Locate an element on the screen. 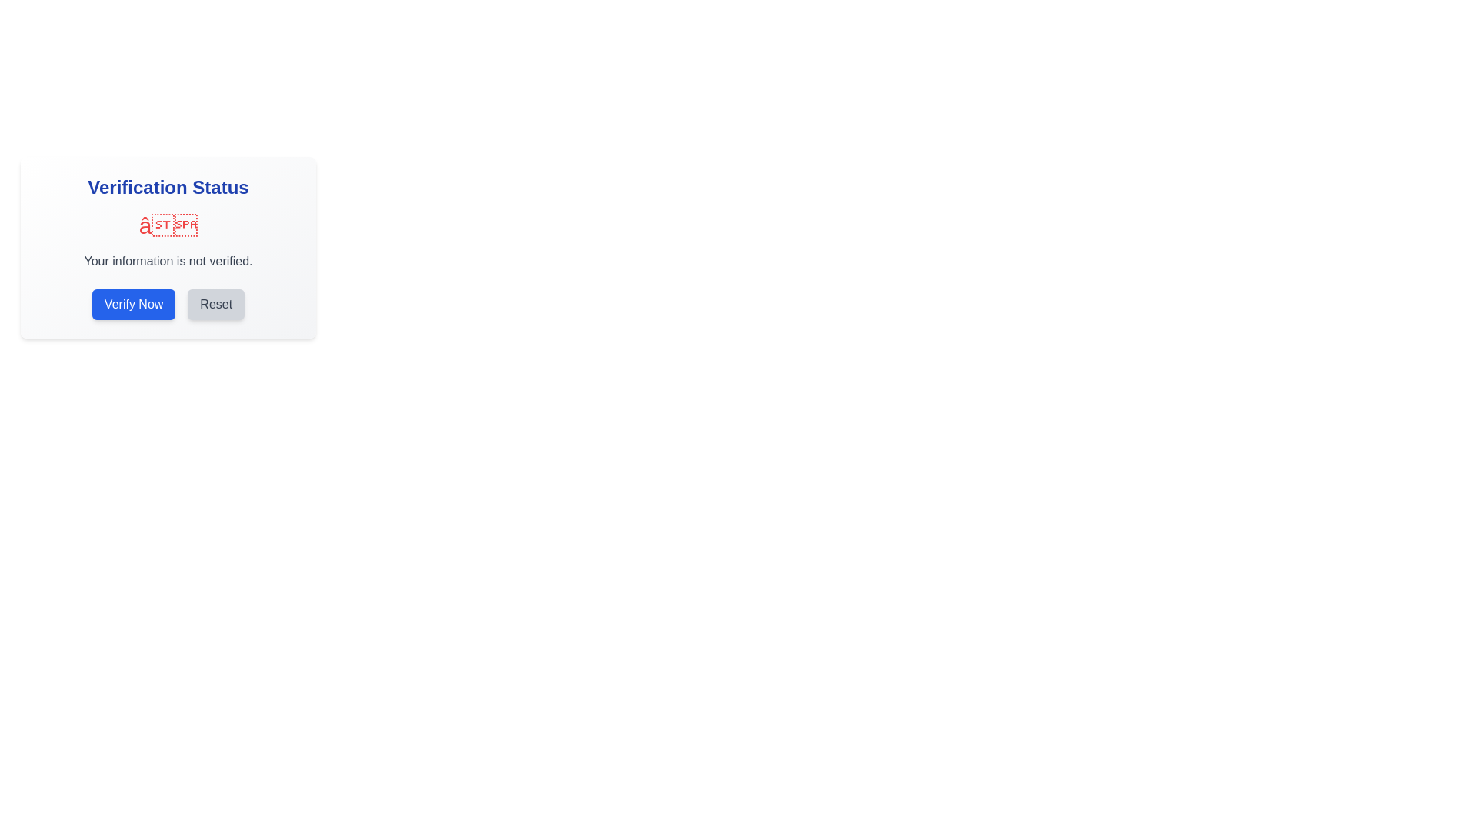 This screenshot has width=1477, height=831. the notification message box indicating that the information verification process has not been completed, located below the 'Verification Status' header and above the 'Verify Now' and 'Reset' buttons is located at coordinates (168, 241).